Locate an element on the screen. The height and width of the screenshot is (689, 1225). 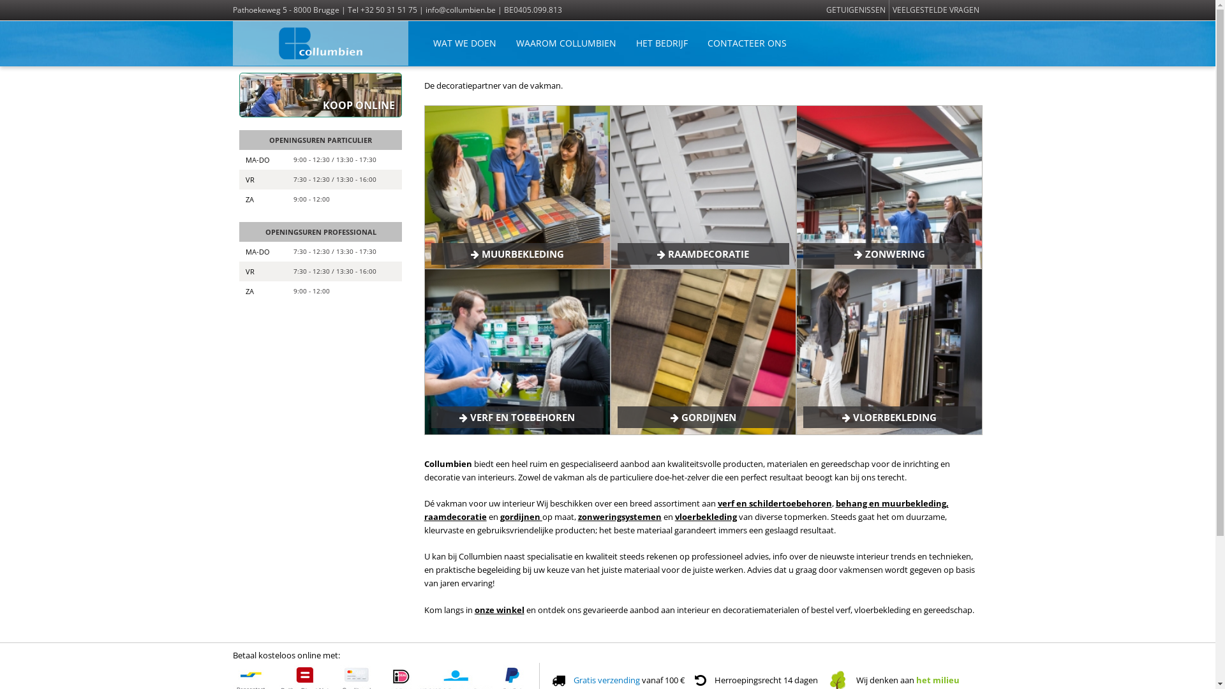
'+32 50 31 51 75' is located at coordinates (387, 10).